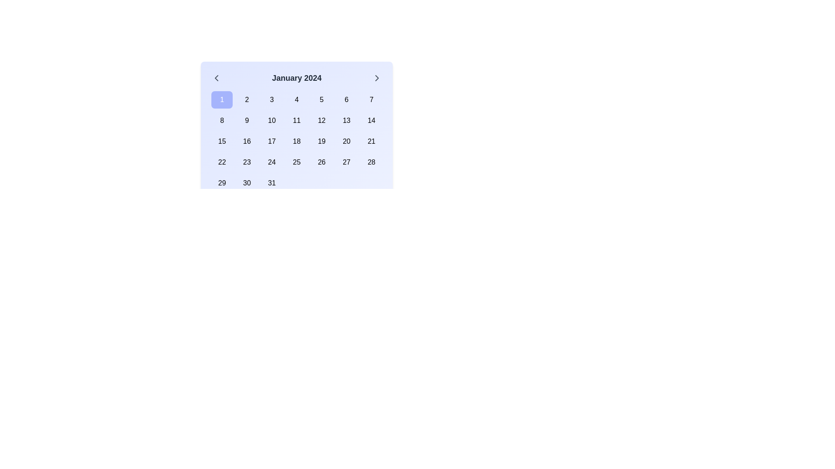 The width and height of the screenshot is (835, 469). I want to click on the button labeled '22' in the first column of the fourth row of the number grid under 'January 2024' to visualize its hover effect, so click(222, 162).